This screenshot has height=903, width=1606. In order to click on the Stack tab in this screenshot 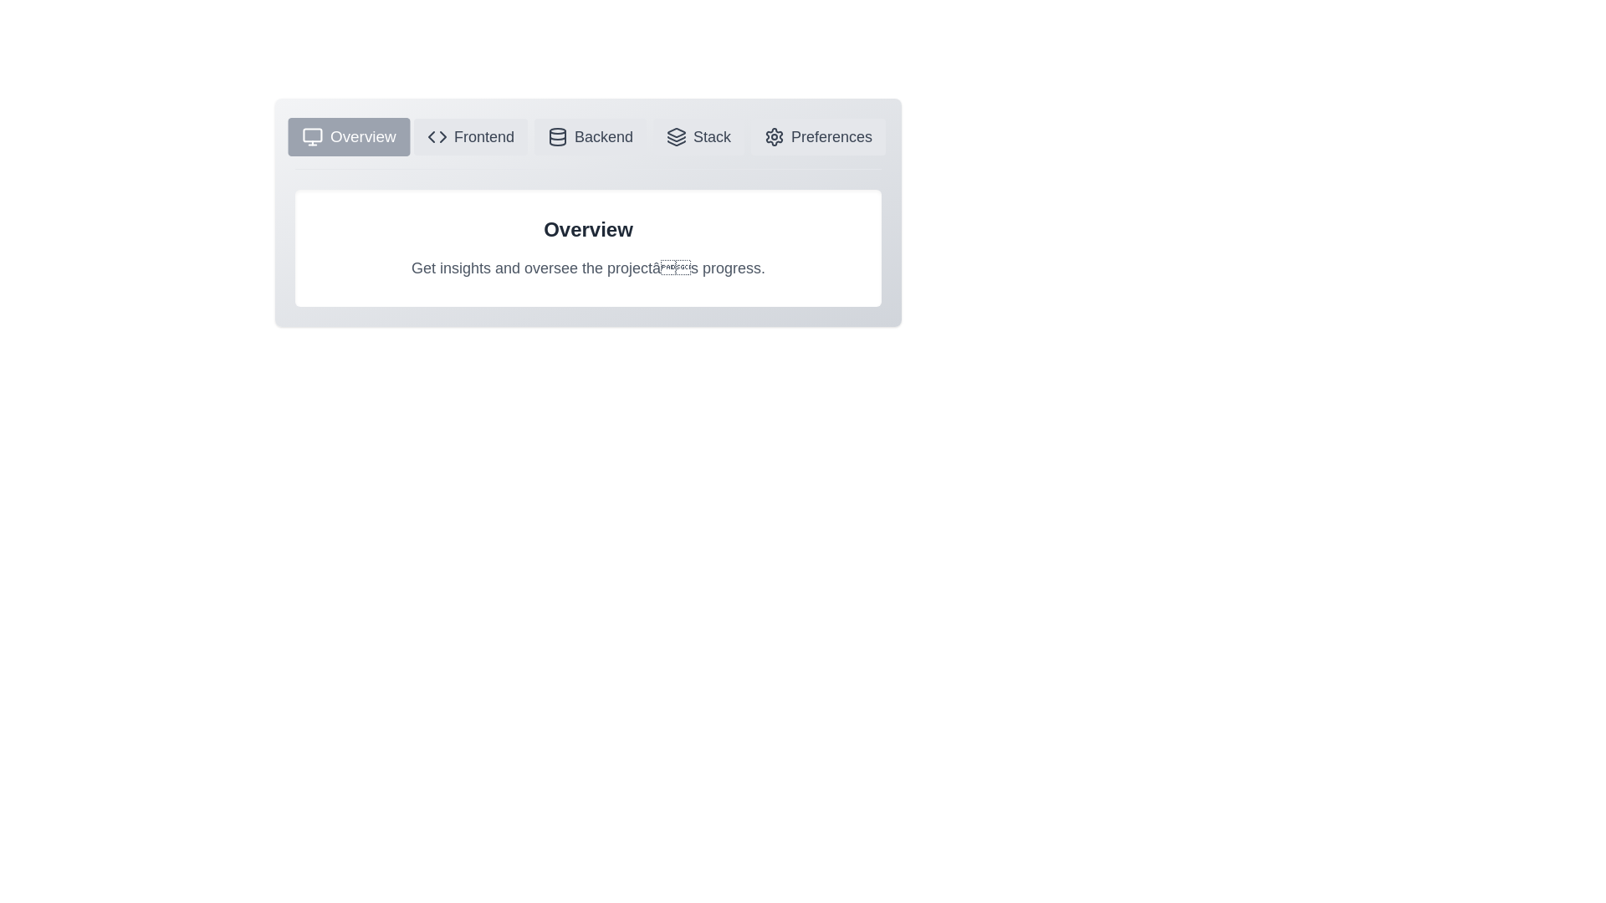, I will do `click(698, 136)`.